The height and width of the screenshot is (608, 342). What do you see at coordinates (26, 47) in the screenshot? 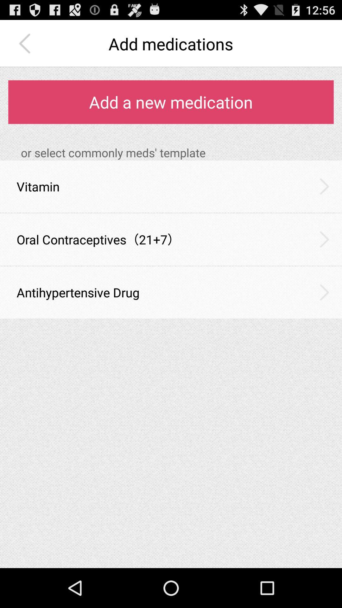
I see `the arrow_backward icon` at bounding box center [26, 47].